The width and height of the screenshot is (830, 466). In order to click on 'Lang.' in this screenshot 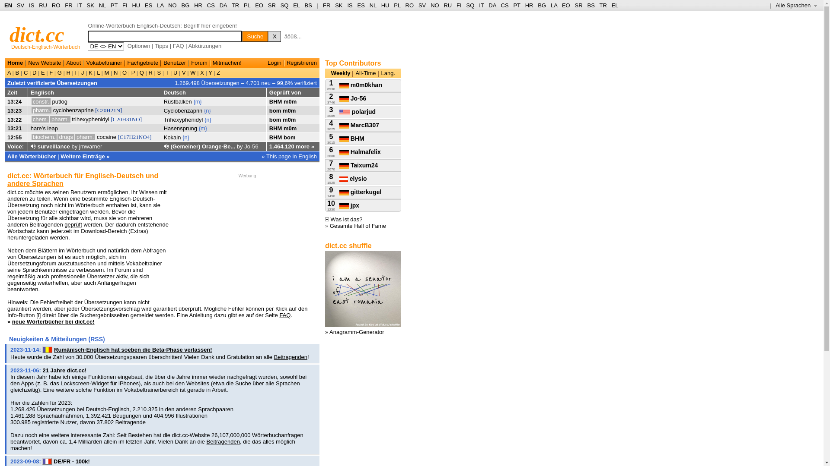, I will do `click(388, 72)`.